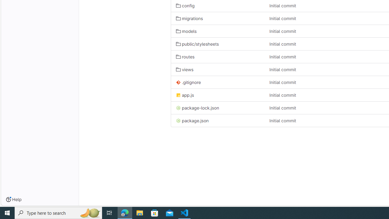 The image size is (389, 219). Describe the element at coordinates (192, 121) in the screenshot. I see `'package.json'` at that location.